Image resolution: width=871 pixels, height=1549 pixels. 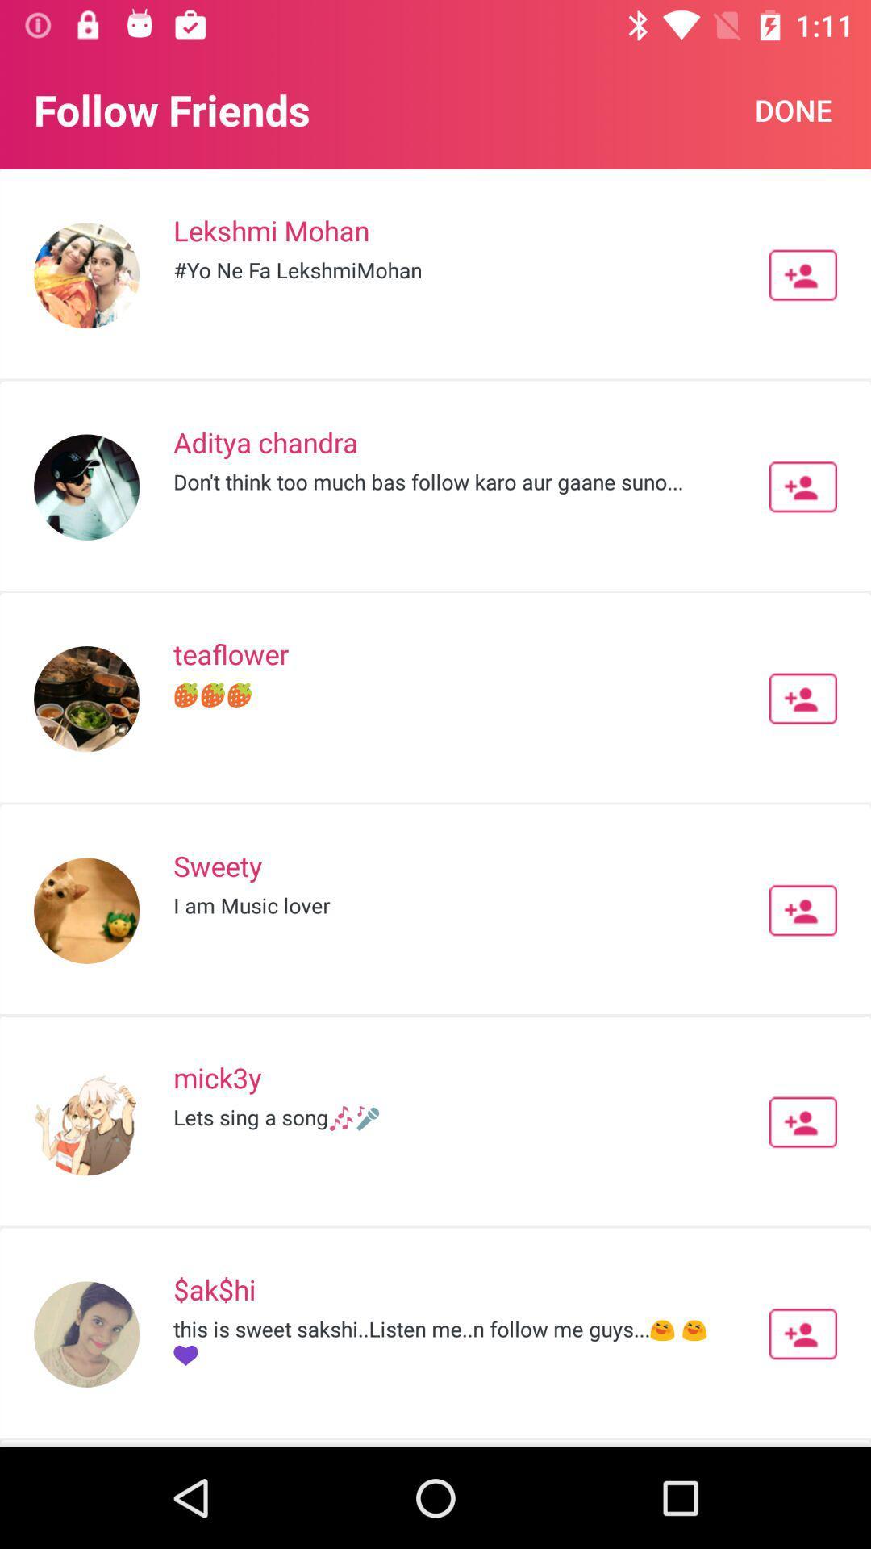 I want to click on contact, so click(x=802, y=486).